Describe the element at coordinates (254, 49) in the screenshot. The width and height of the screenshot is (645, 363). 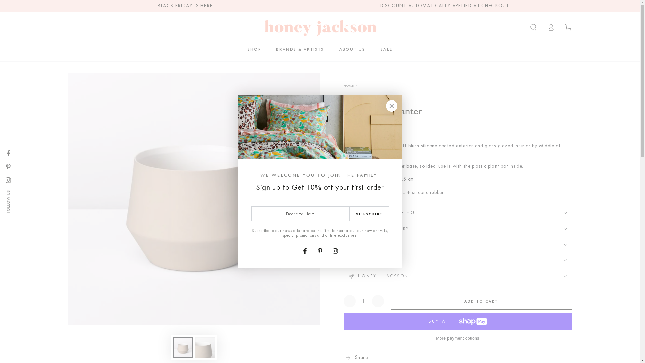
I see `'SHOP'` at that location.